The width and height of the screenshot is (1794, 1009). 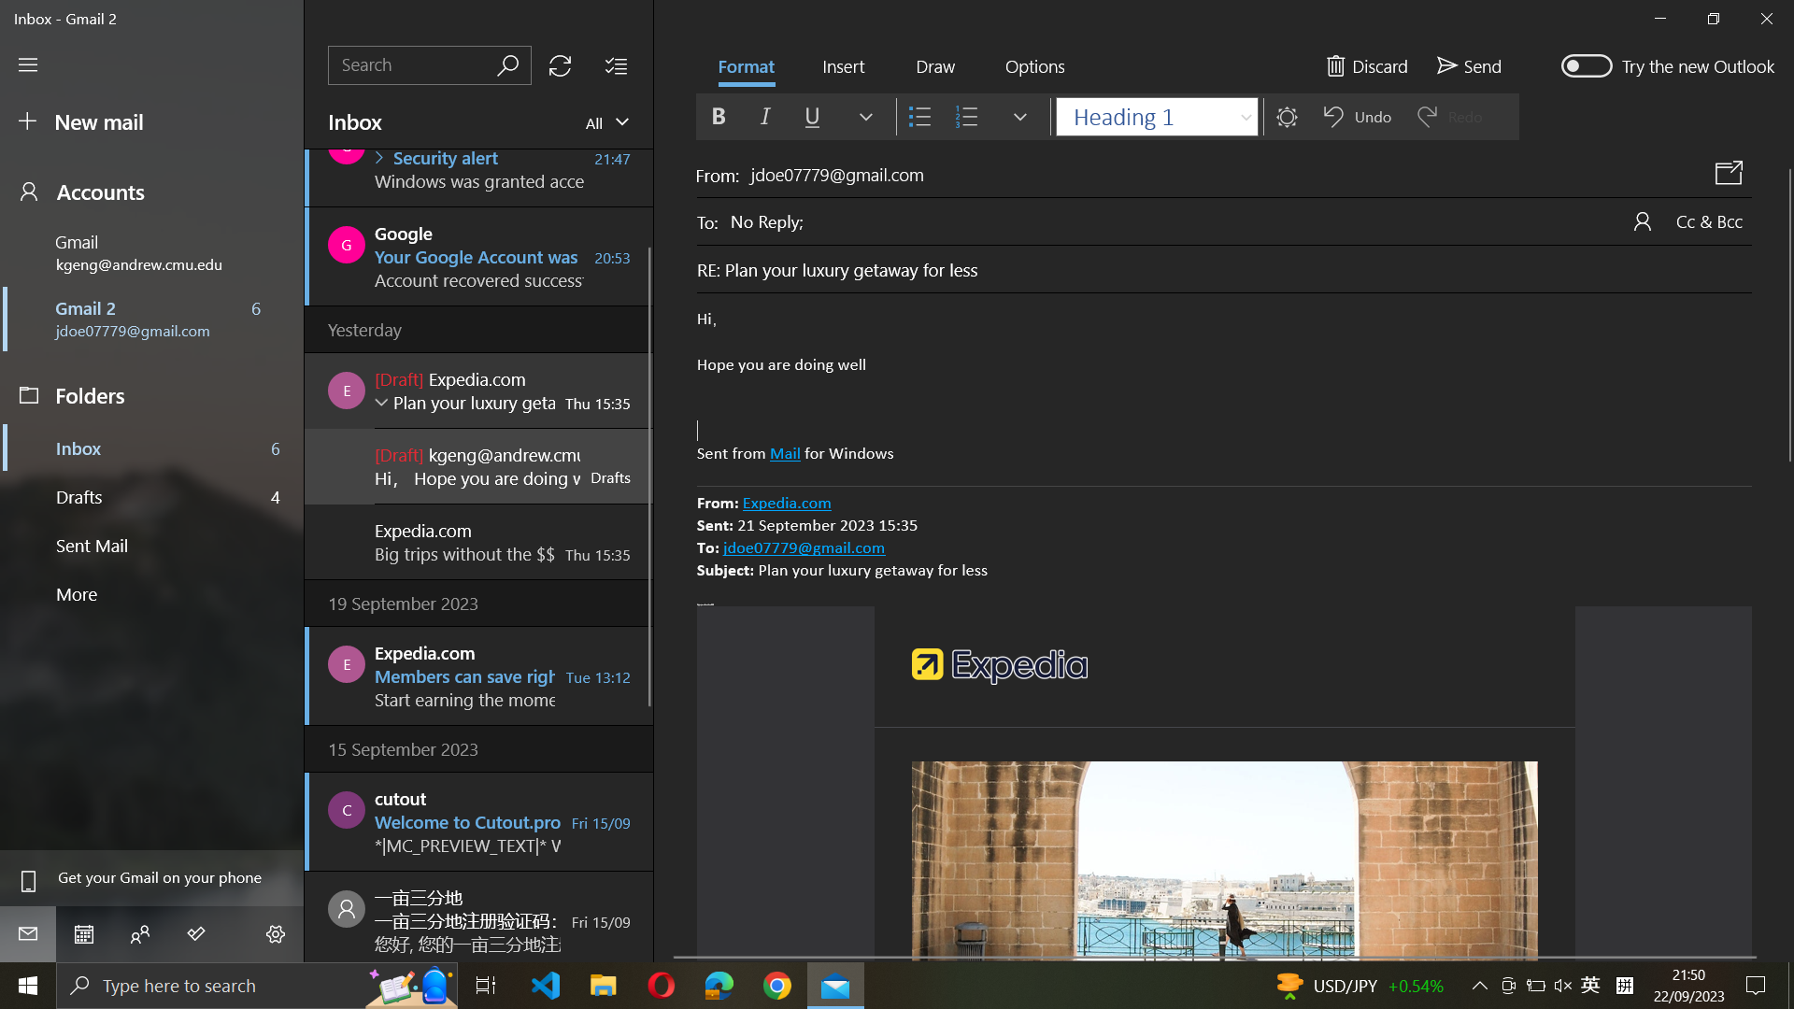 What do you see at coordinates (1224, 387) in the screenshot?
I see `underline style to all the content present in the mail body` at bounding box center [1224, 387].